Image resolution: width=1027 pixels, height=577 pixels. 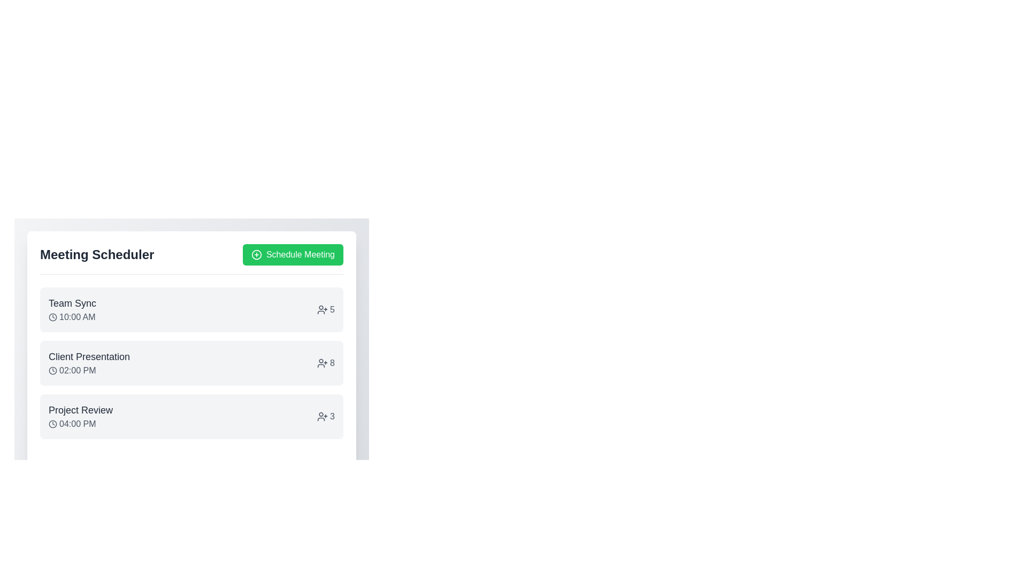 I want to click on the first card in the meeting scheduler component to inspect its details, so click(x=191, y=332).